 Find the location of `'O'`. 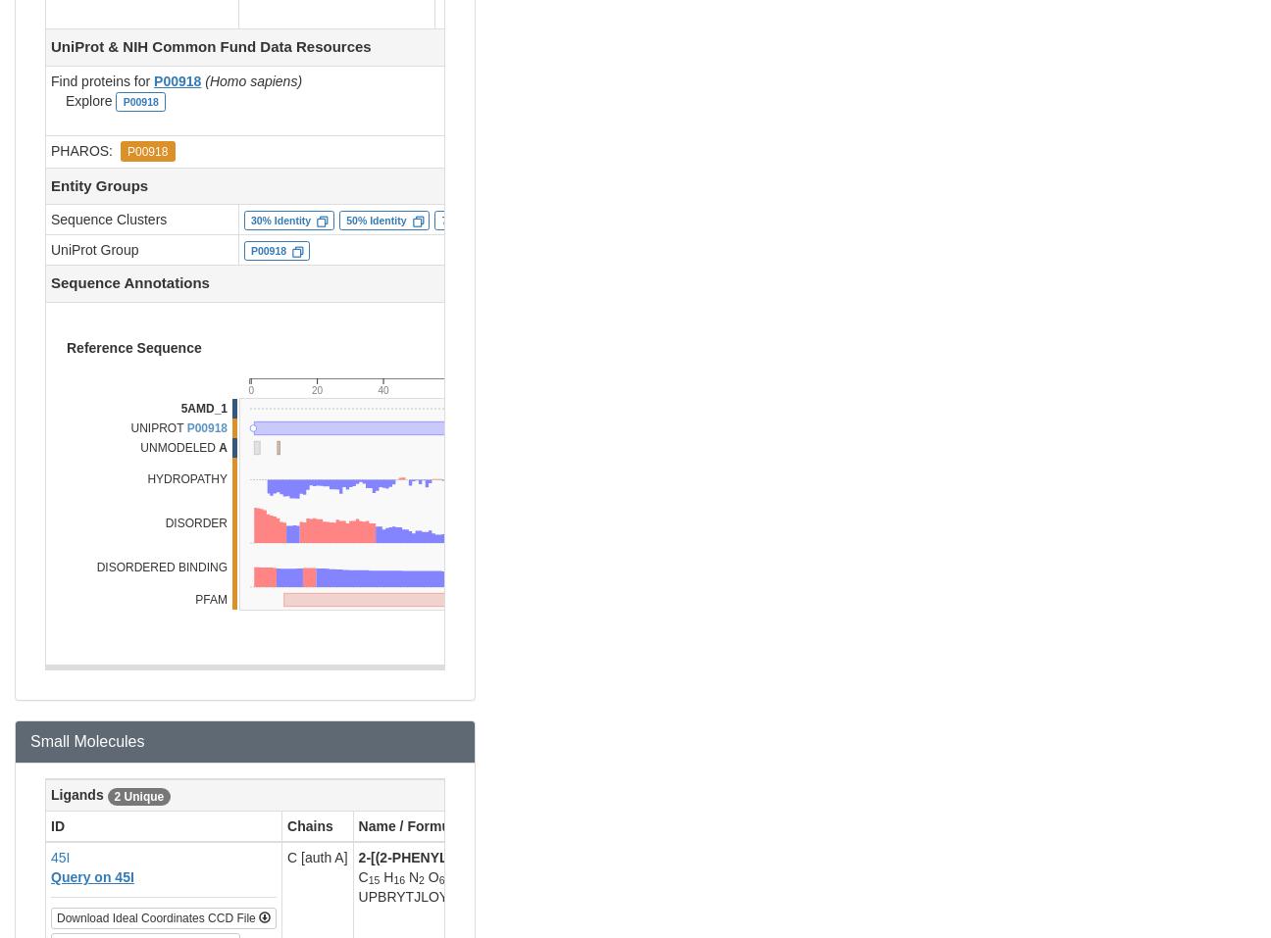

'O' is located at coordinates (431, 876).